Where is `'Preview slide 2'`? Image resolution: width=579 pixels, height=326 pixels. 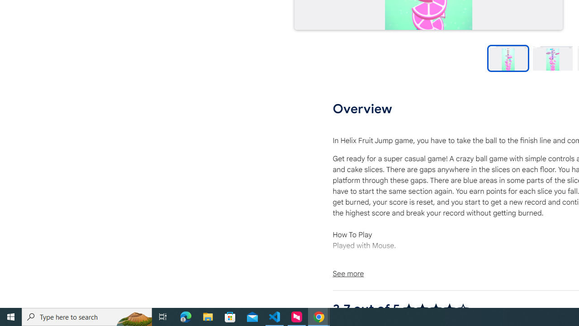 'Preview slide 2' is located at coordinates (552, 58).